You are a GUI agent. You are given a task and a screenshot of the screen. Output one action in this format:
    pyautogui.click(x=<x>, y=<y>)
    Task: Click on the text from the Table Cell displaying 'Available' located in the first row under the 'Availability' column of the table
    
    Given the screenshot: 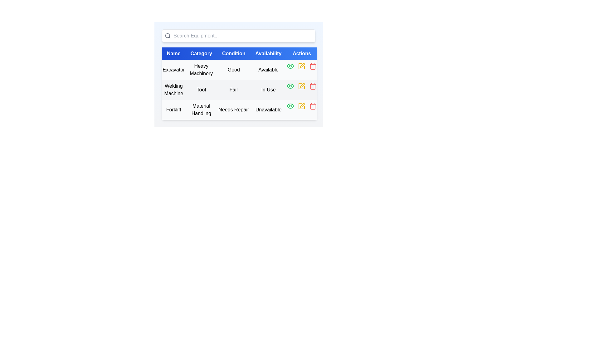 What is the action you would take?
    pyautogui.click(x=268, y=70)
    